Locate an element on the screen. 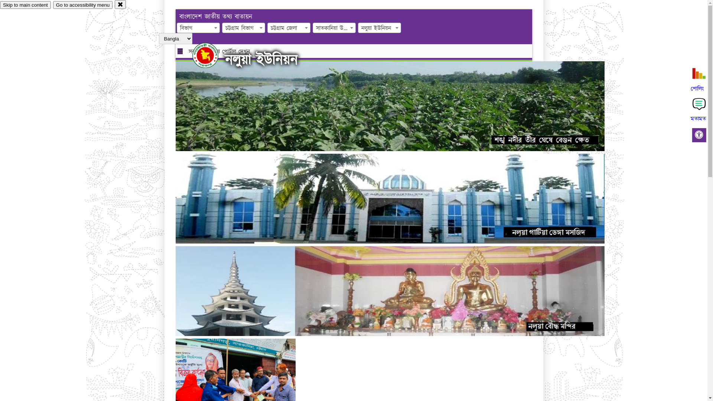 This screenshot has height=401, width=713. 'Go to accessibility menu' is located at coordinates (82, 5).